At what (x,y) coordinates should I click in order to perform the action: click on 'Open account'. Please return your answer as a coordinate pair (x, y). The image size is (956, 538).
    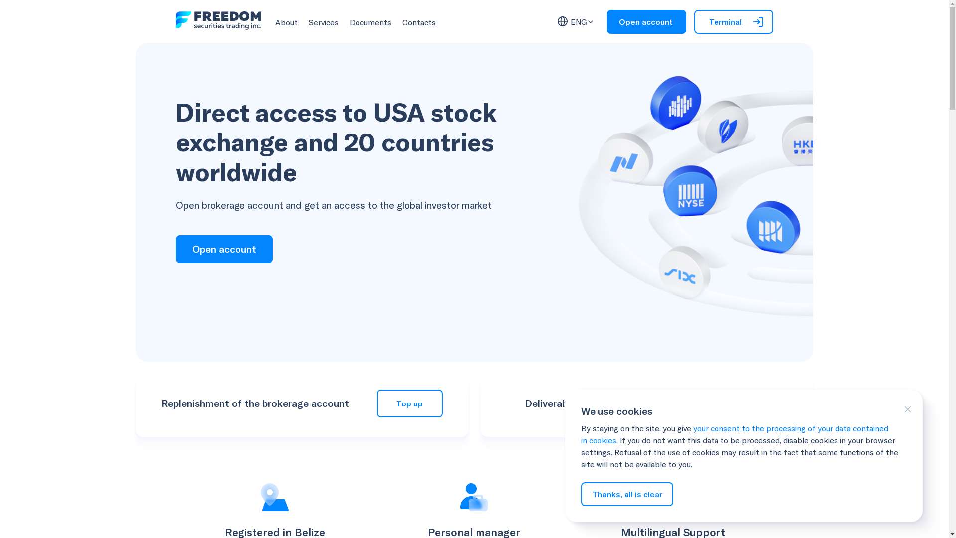
    Looking at the image, I should click on (223, 249).